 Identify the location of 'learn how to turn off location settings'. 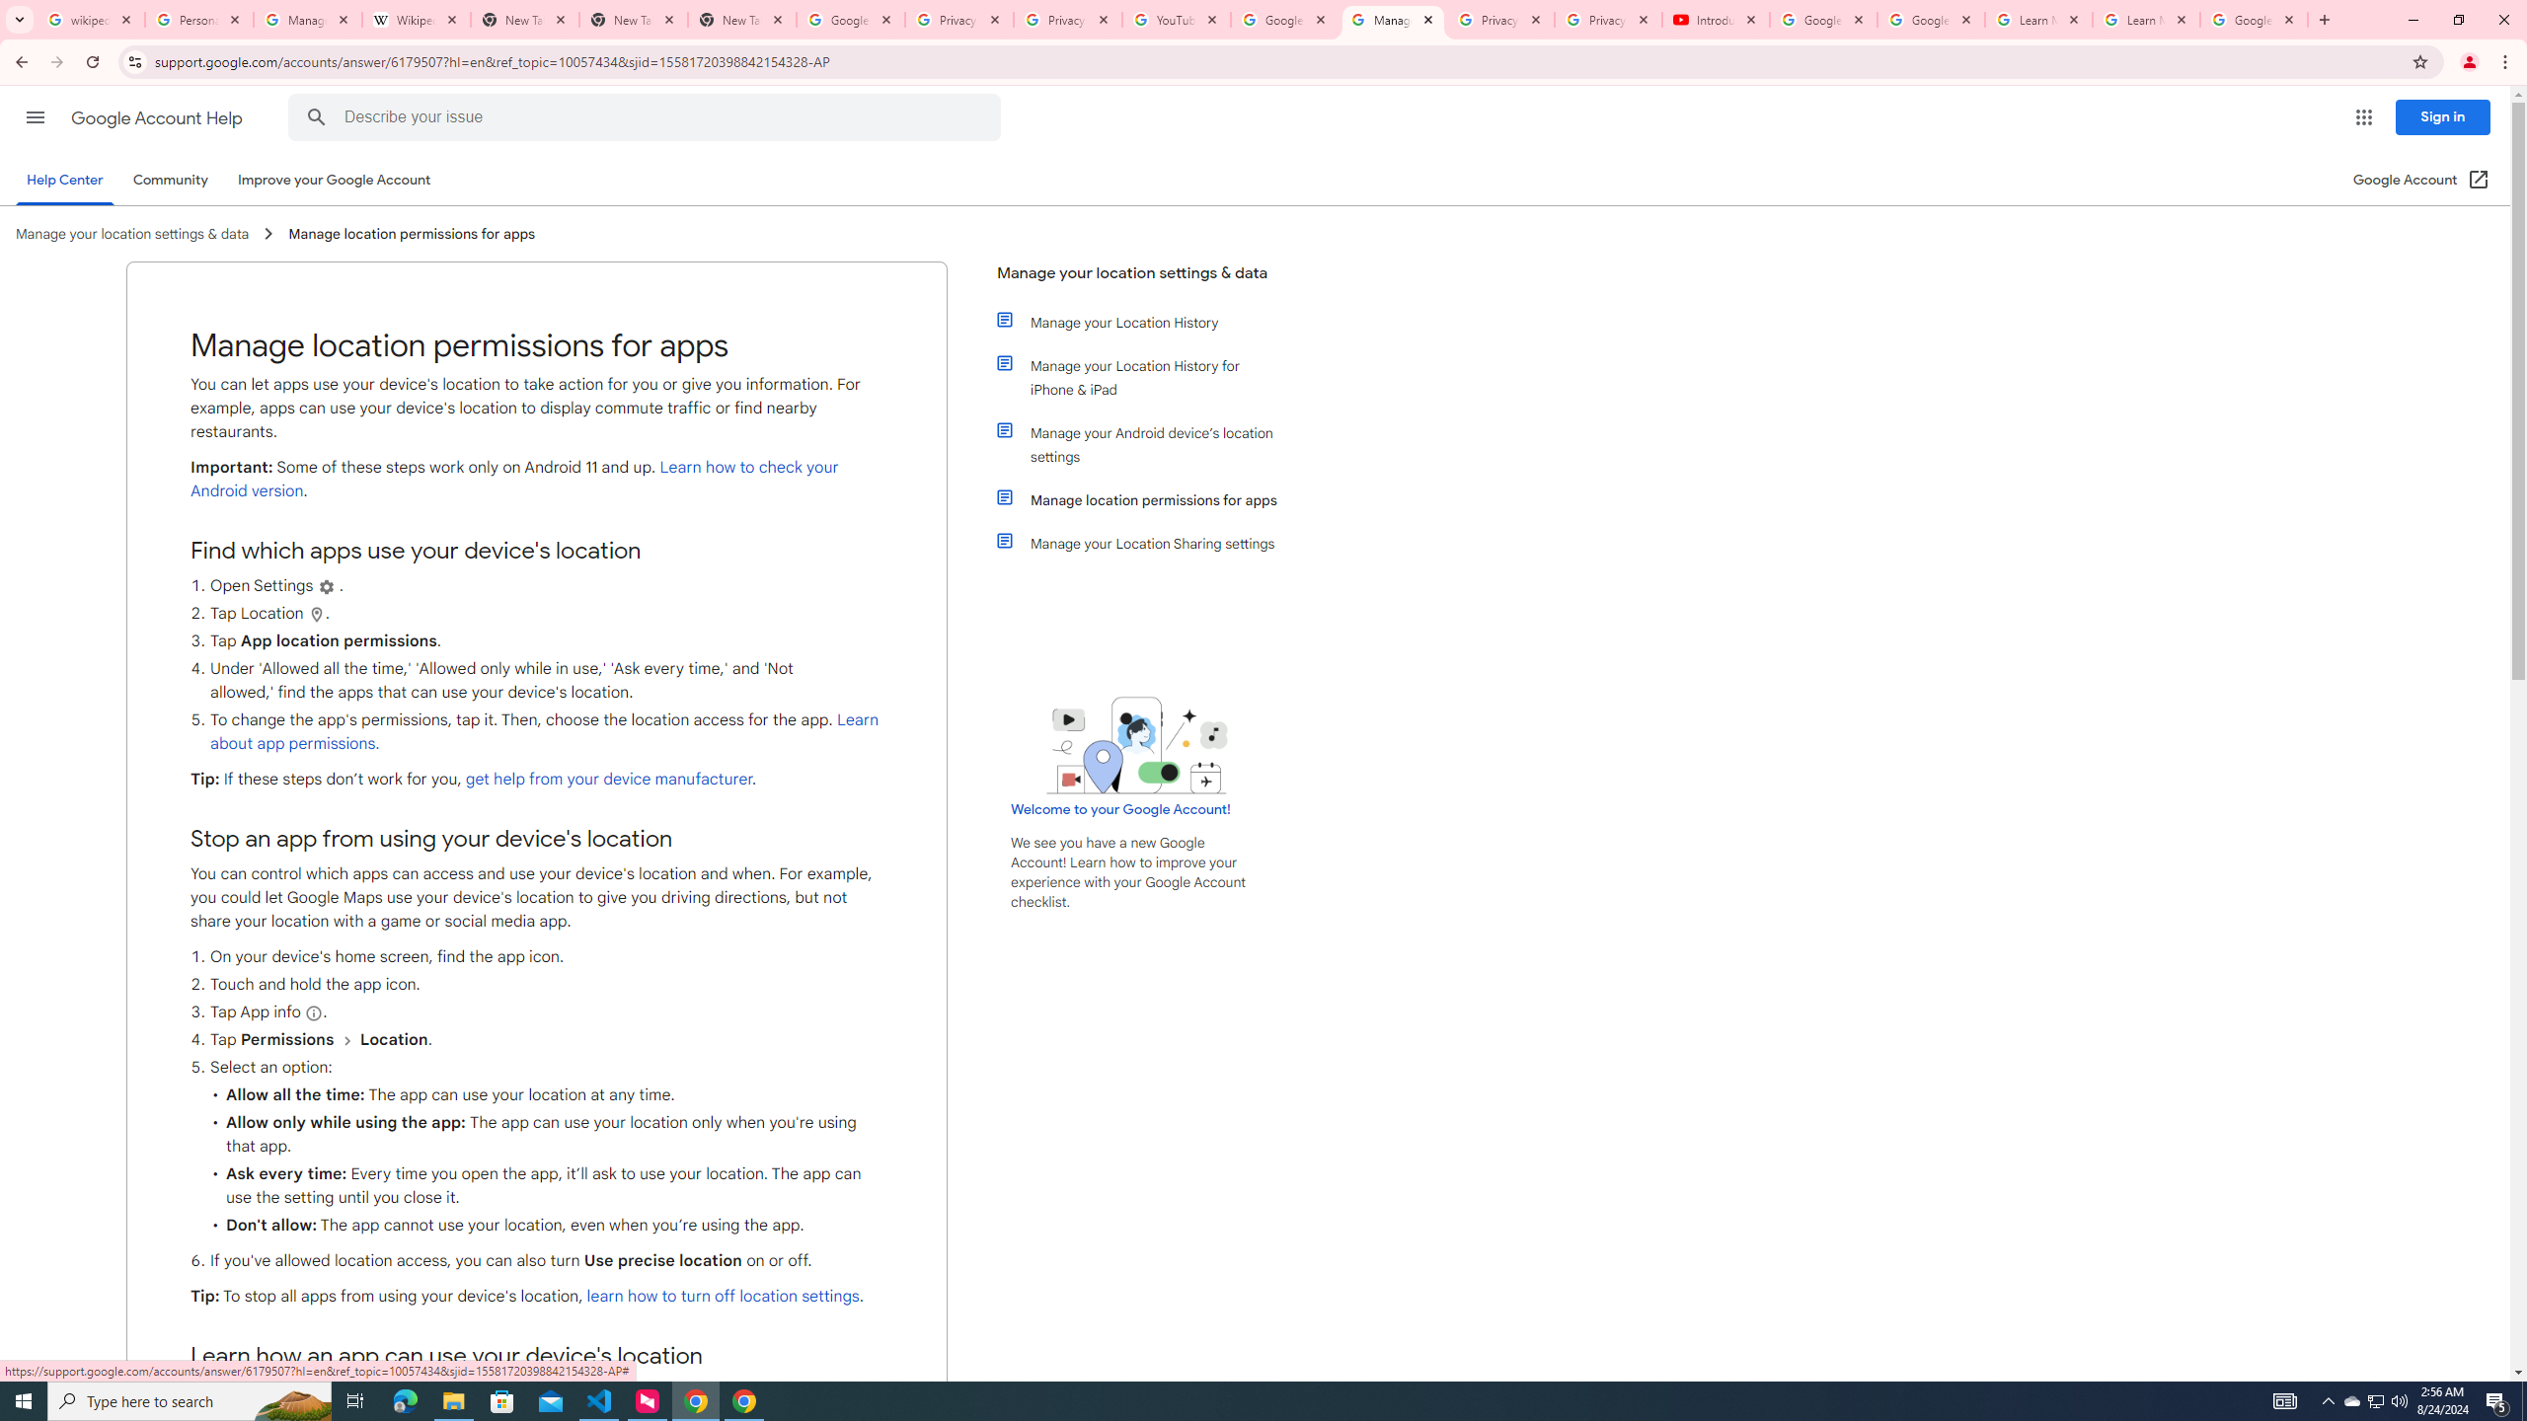
(722, 1296).